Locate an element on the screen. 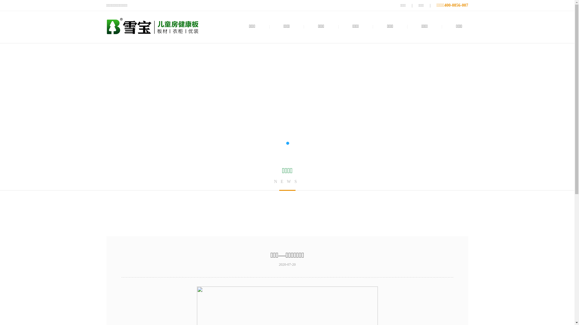 Image resolution: width=579 pixels, height=325 pixels. '1' is located at coordinates (284, 143).